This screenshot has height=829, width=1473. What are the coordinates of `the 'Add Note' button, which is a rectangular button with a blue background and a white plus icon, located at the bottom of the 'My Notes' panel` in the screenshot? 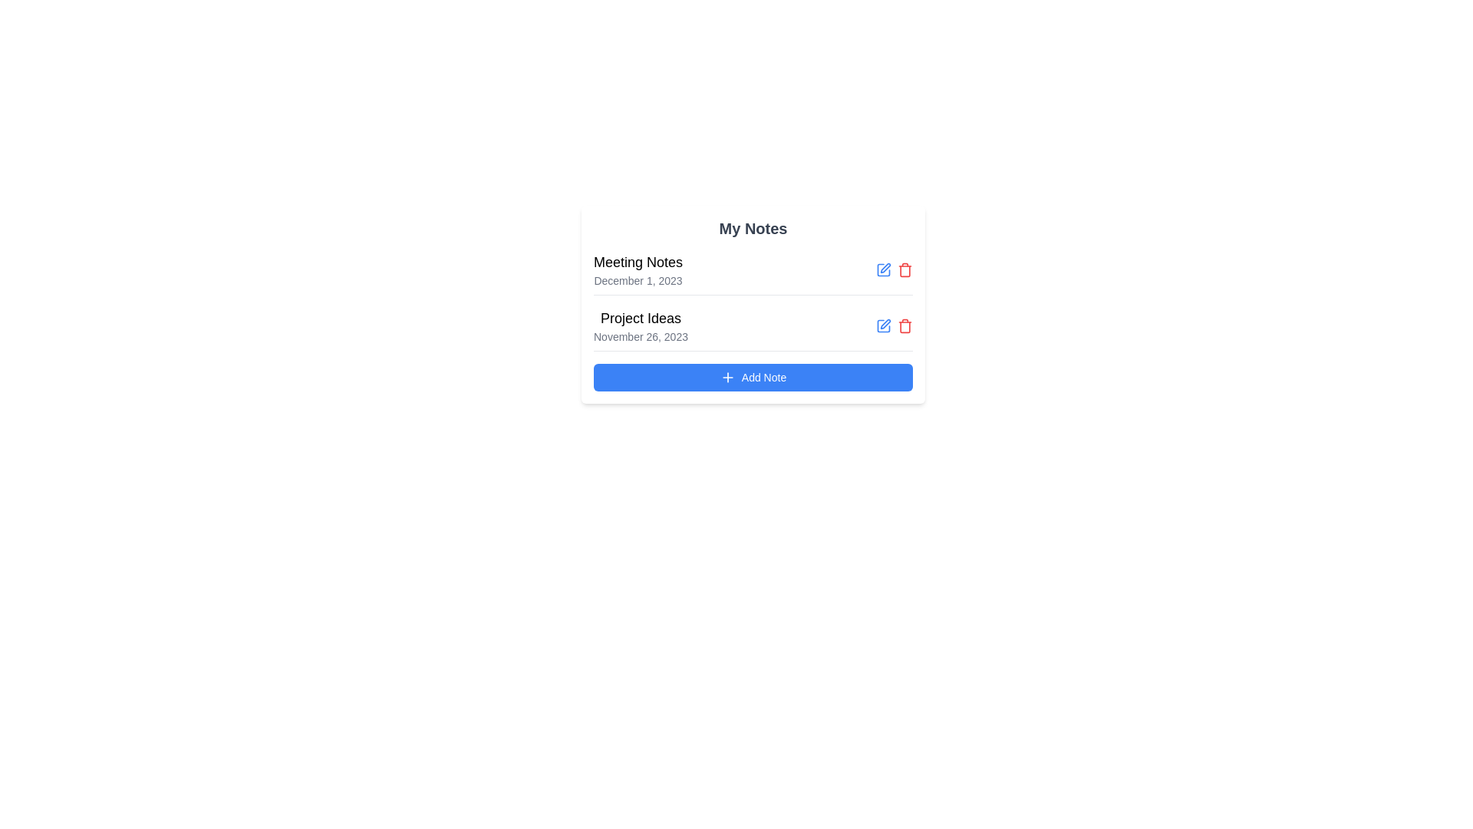 It's located at (753, 378).